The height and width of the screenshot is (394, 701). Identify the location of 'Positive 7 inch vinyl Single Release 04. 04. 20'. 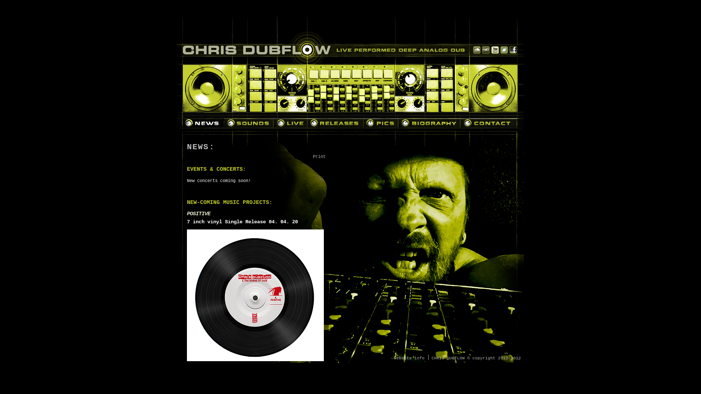
(255, 298).